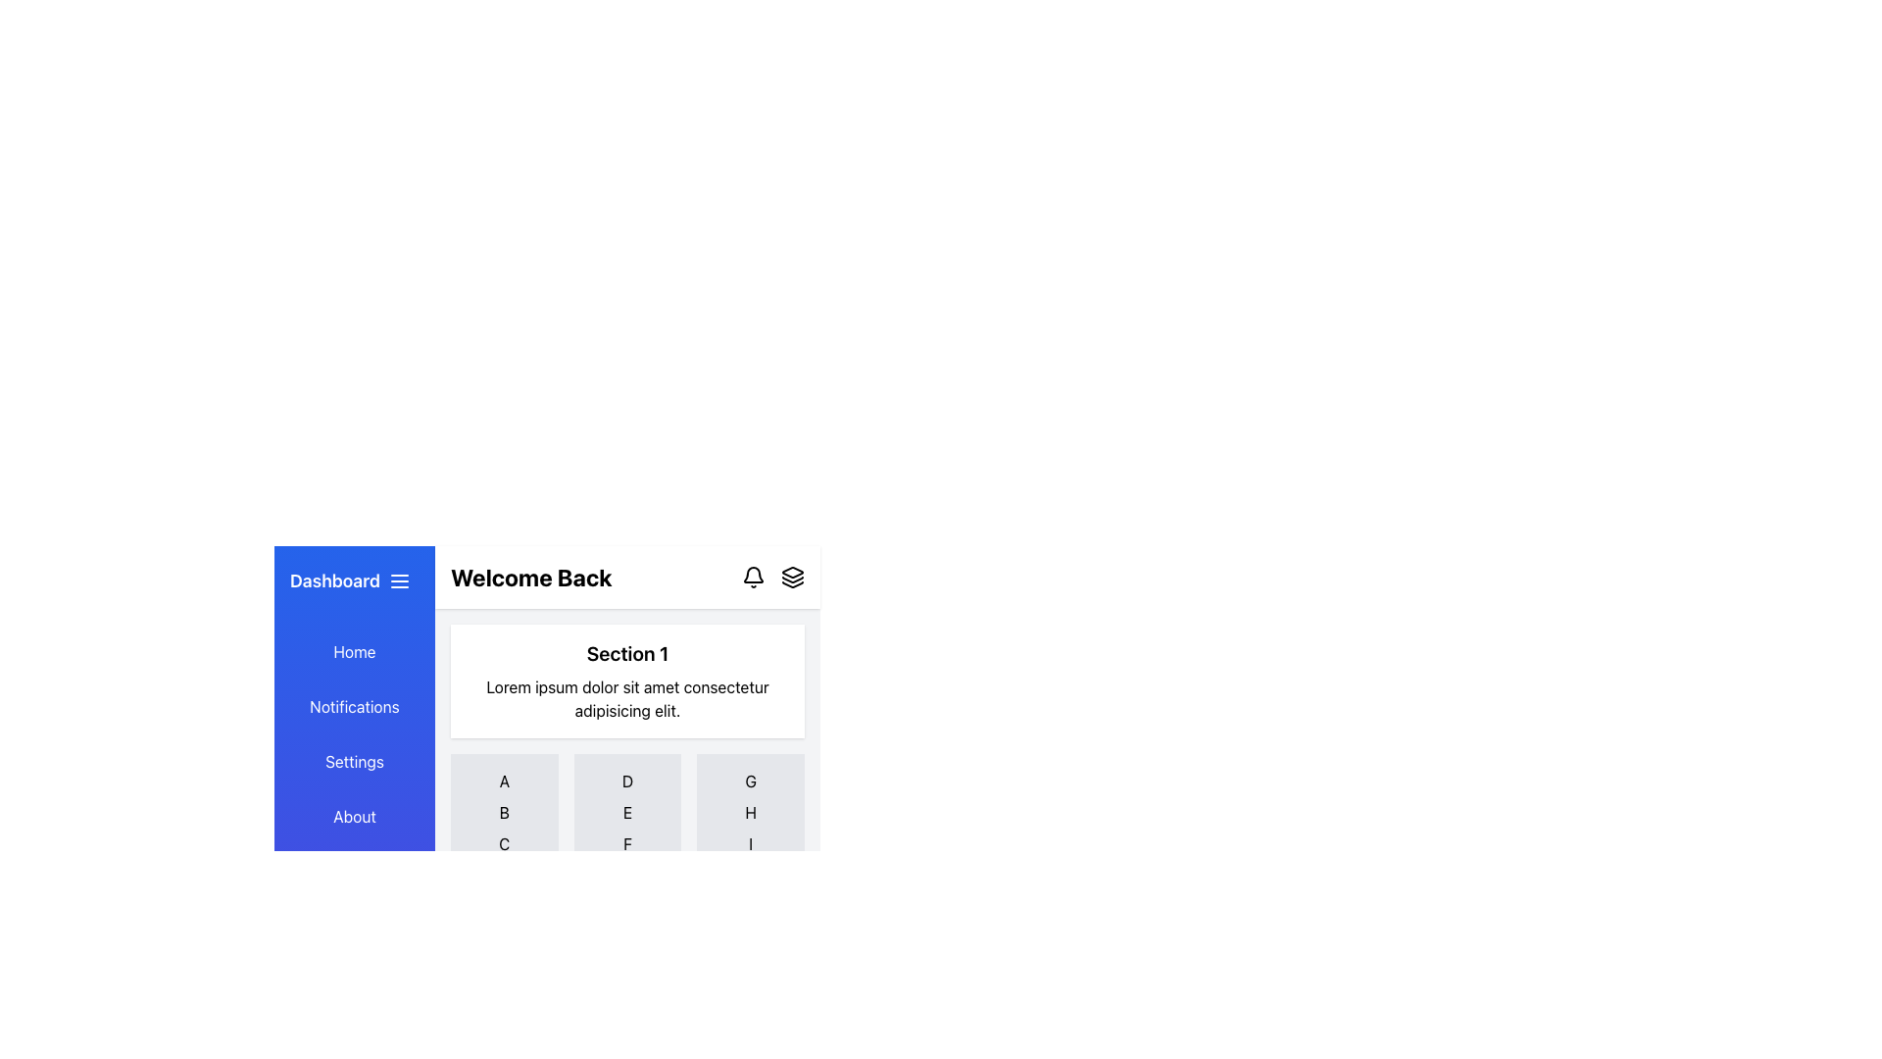  Describe the element at coordinates (793, 583) in the screenshot. I see `the third and lowest band of the layered icon located at the top-right section of the interface, which is next to the notification bell` at that location.